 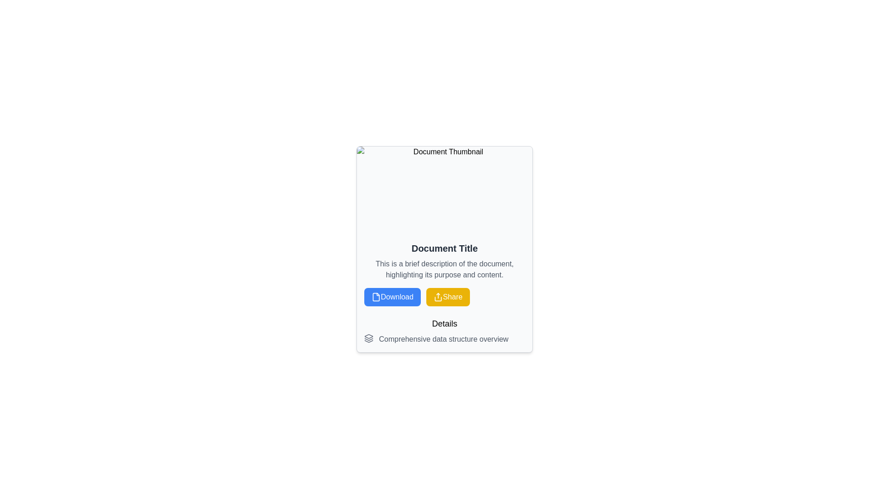 What do you see at coordinates (376, 297) in the screenshot?
I see `the 'Download' icon, which is the leftmost icon within the 'Download' button, positioned centrally in the card layout` at bounding box center [376, 297].